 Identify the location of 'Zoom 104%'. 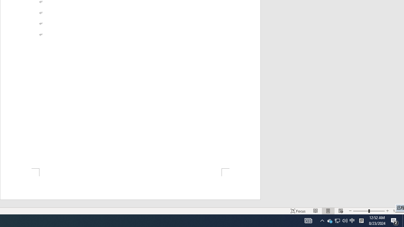
(397, 211).